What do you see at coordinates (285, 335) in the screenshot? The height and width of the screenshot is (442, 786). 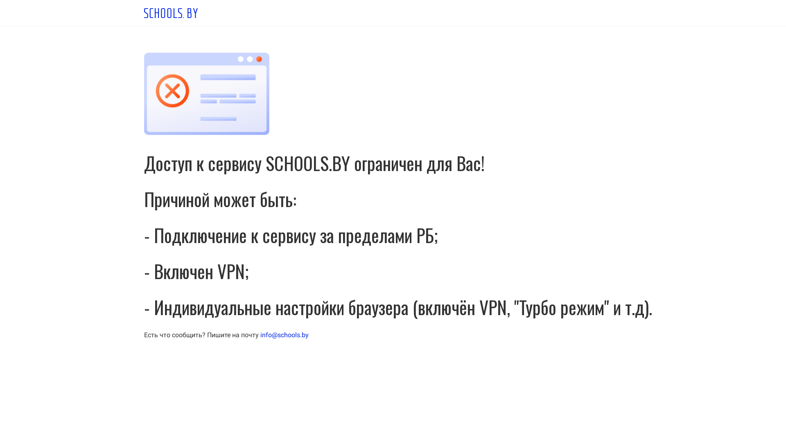 I see `'info@schools.by'` at bounding box center [285, 335].